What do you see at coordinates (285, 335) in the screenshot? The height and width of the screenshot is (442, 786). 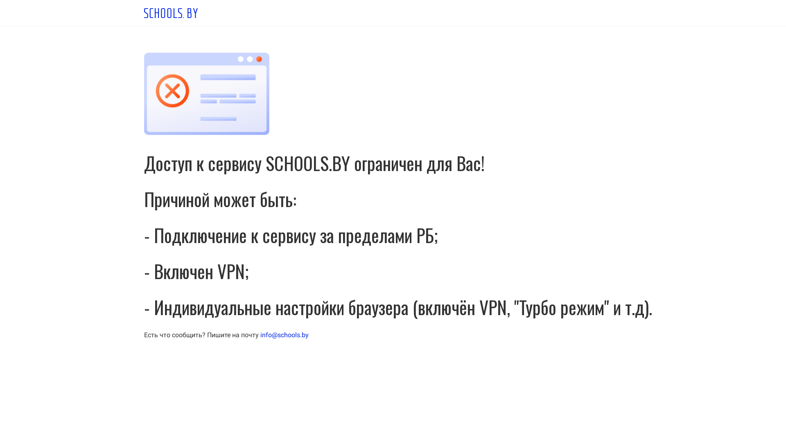 I see `'info@schools.by'` at bounding box center [285, 335].